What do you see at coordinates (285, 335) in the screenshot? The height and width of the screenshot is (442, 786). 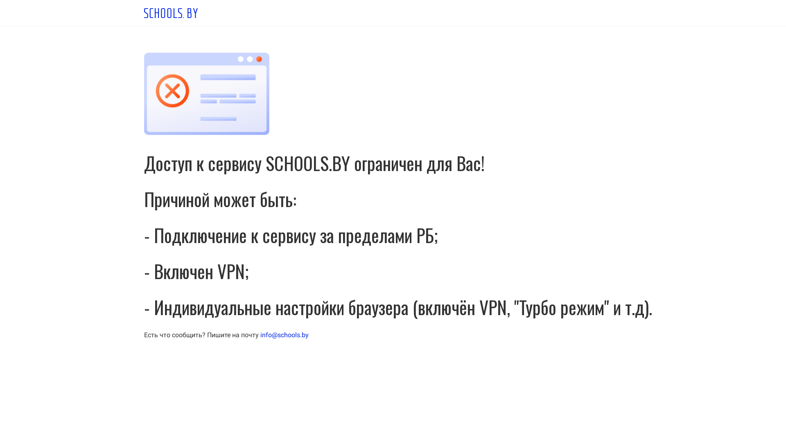 I see `'info@schools.by'` at bounding box center [285, 335].